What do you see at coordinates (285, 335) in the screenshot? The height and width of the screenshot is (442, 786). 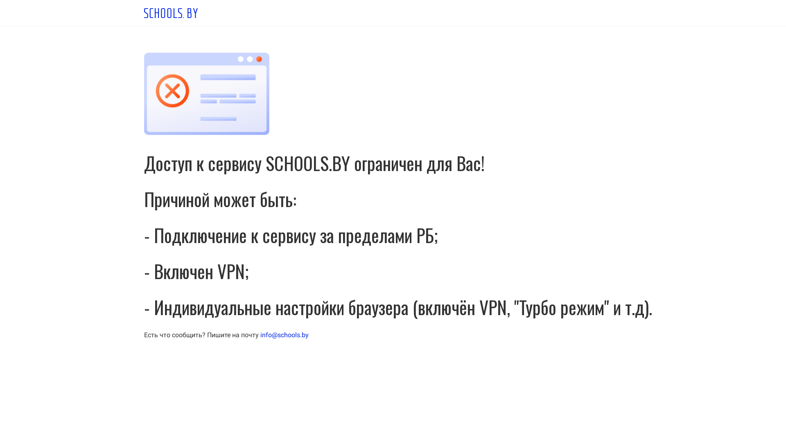 I see `'info@schools.by'` at bounding box center [285, 335].